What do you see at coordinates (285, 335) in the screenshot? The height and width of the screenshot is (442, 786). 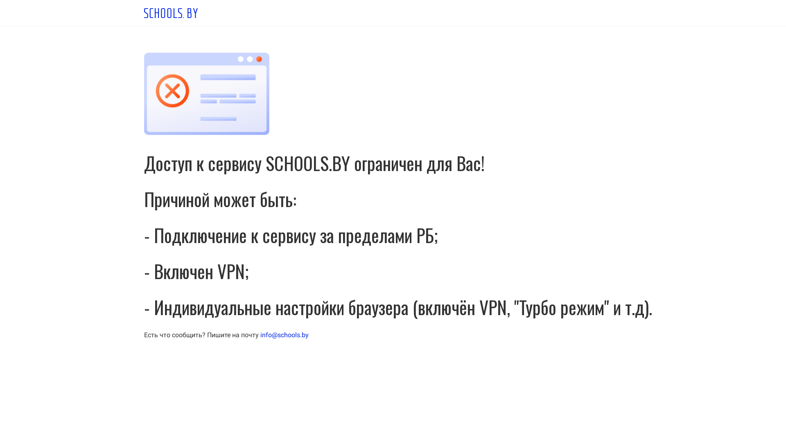 I see `'info@schools.by'` at bounding box center [285, 335].